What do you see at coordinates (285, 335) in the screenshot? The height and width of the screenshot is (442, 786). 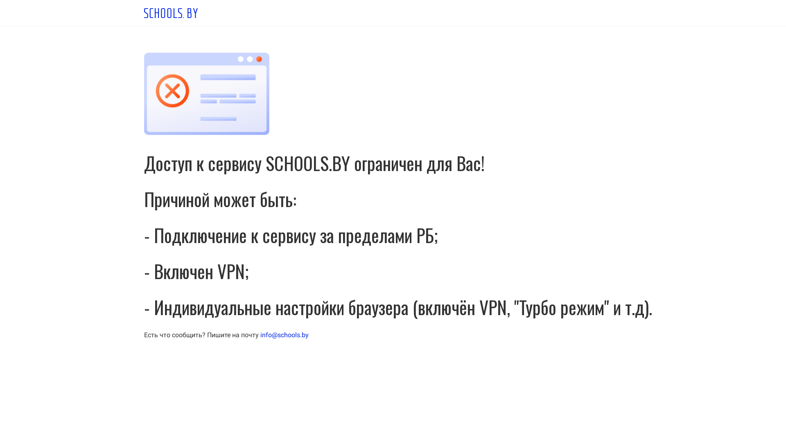 I see `'info@schools.by'` at bounding box center [285, 335].